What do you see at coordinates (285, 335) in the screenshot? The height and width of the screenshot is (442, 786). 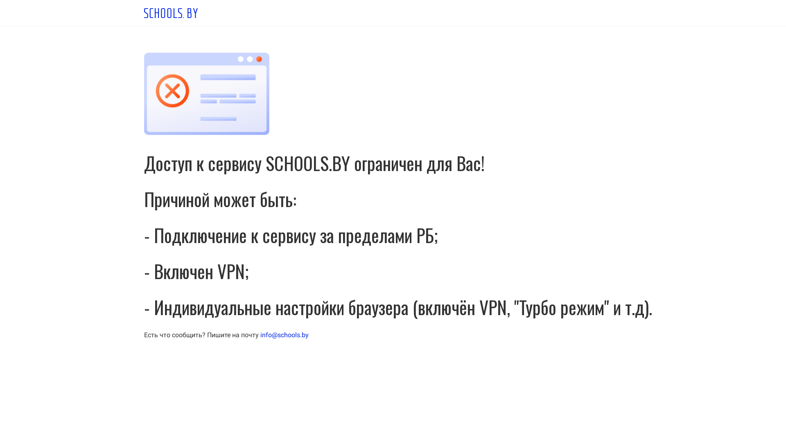 I see `'info@schools.by'` at bounding box center [285, 335].